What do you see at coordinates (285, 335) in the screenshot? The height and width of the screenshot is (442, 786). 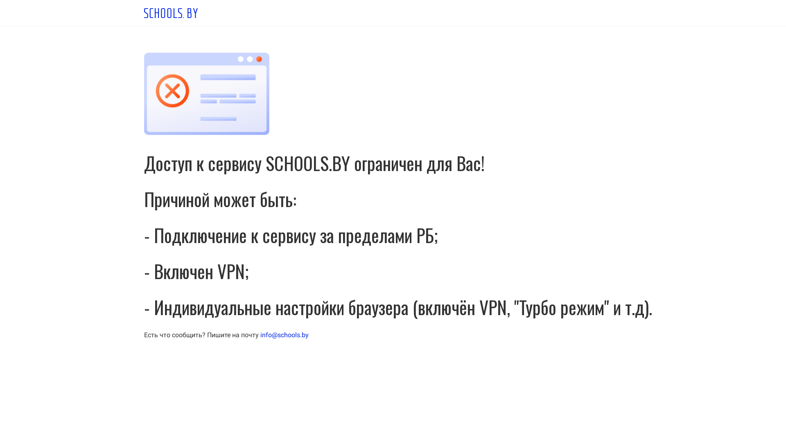 I see `'info@schools.by'` at bounding box center [285, 335].